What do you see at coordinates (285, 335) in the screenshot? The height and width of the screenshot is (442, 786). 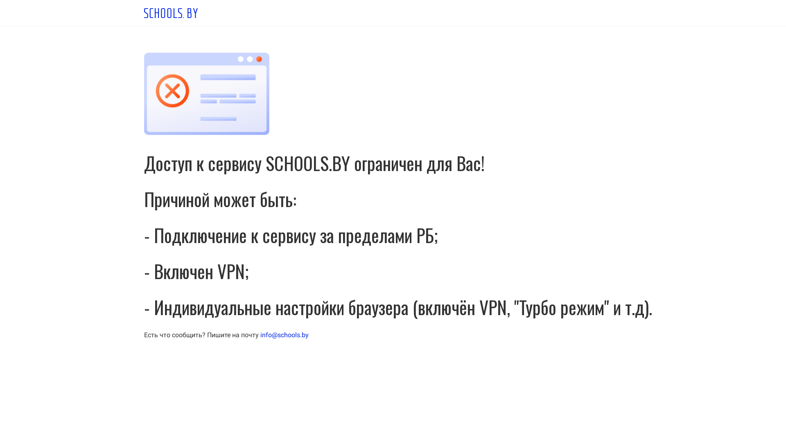 I see `'info@schools.by'` at bounding box center [285, 335].